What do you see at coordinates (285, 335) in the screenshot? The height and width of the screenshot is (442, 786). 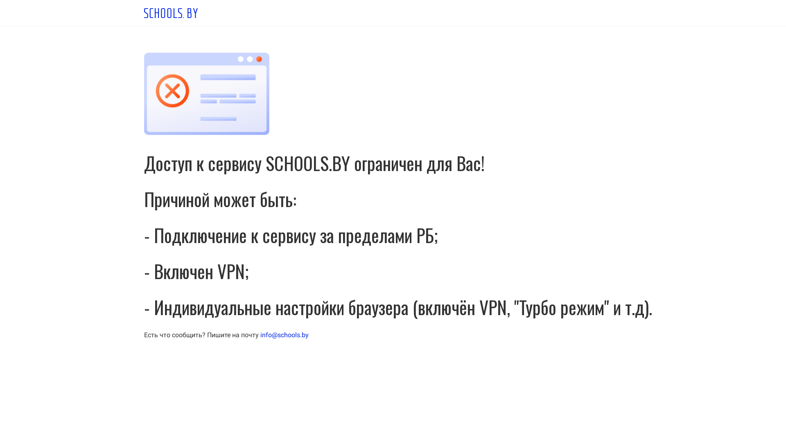 I see `'info@schools.by'` at bounding box center [285, 335].